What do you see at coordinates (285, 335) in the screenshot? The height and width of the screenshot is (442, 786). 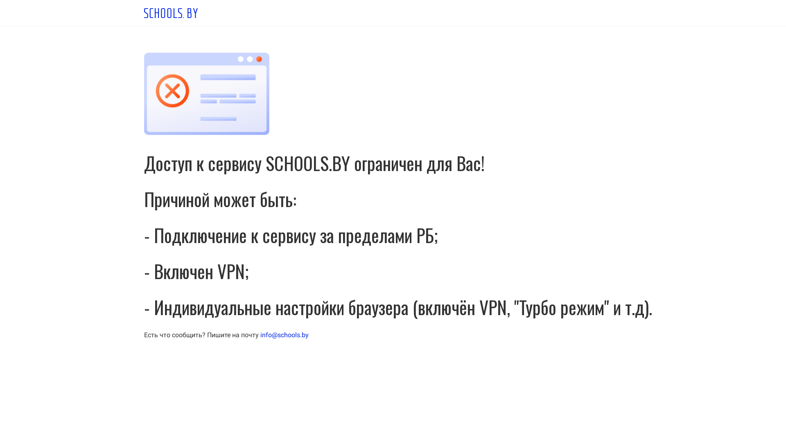 I see `'info@schools.by'` at bounding box center [285, 335].